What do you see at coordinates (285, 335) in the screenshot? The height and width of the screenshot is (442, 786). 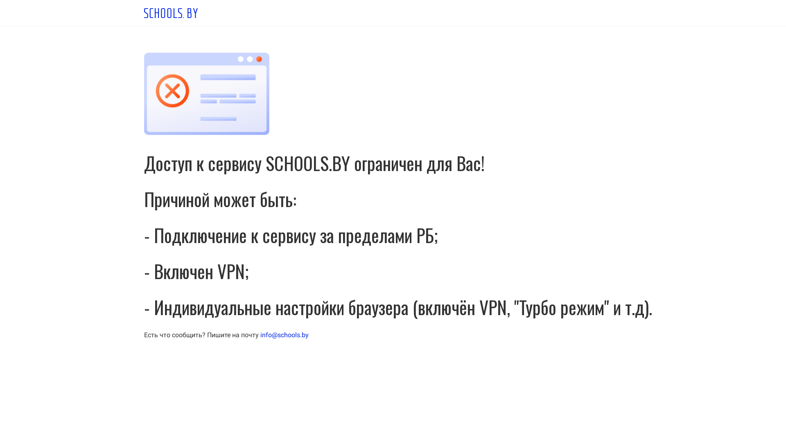 I see `'info@schools.by'` at bounding box center [285, 335].